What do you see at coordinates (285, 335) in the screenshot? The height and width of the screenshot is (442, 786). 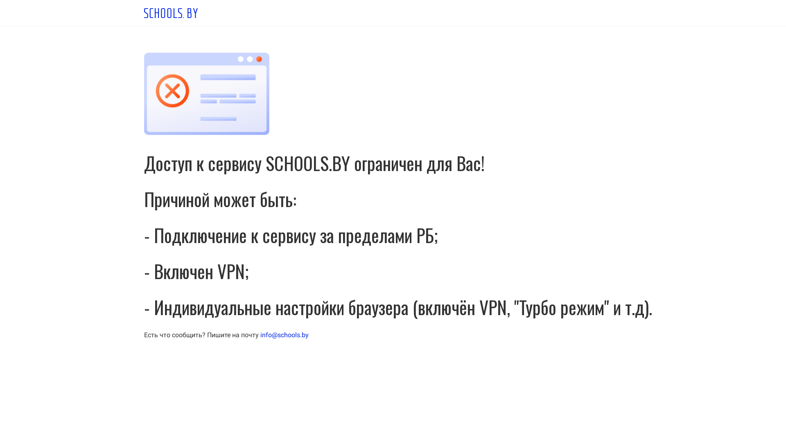 I see `'info@schools.by'` at bounding box center [285, 335].